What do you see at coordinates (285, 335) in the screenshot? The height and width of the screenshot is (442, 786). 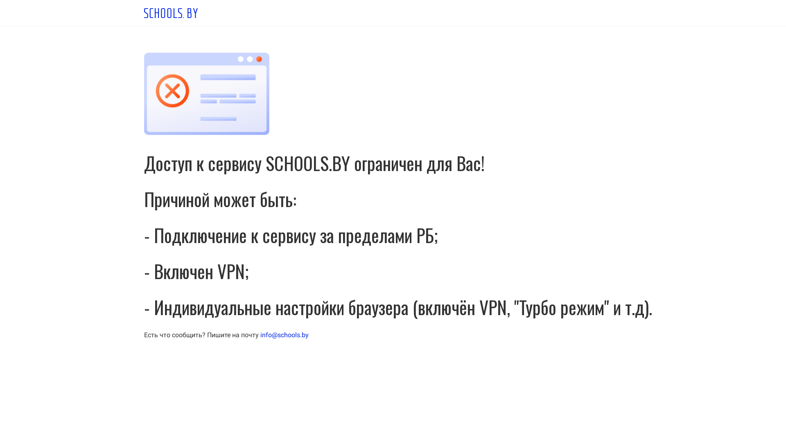 I see `'info@schools.by'` at bounding box center [285, 335].